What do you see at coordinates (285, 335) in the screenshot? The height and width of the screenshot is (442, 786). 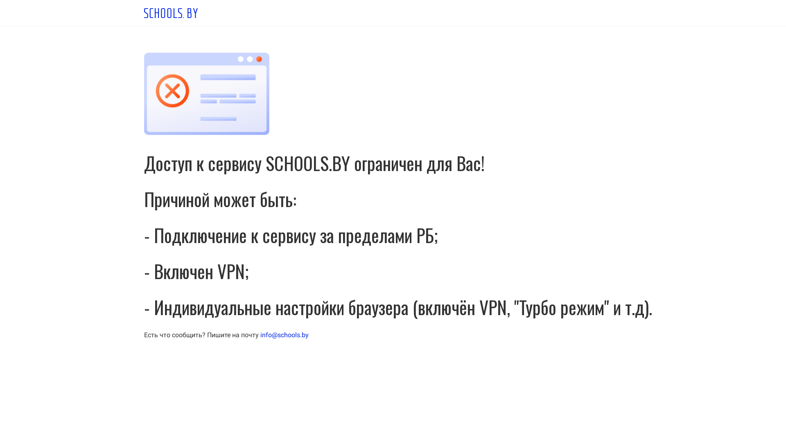 I see `'info@schools.by'` at bounding box center [285, 335].